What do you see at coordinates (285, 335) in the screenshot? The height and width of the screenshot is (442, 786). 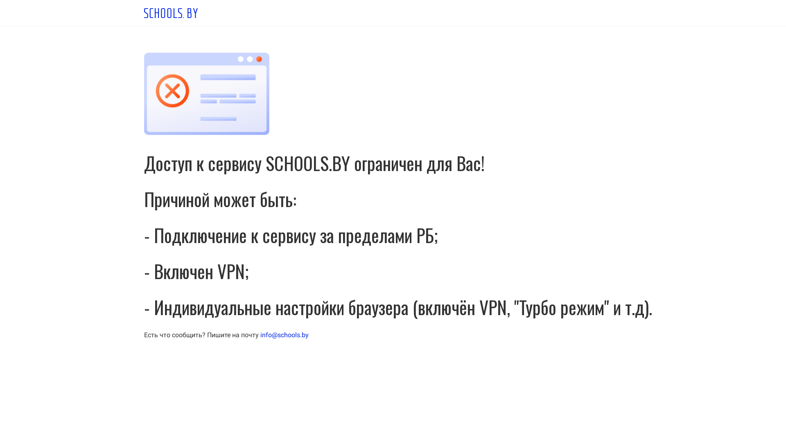 I see `'info@schools.by'` at bounding box center [285, 335].